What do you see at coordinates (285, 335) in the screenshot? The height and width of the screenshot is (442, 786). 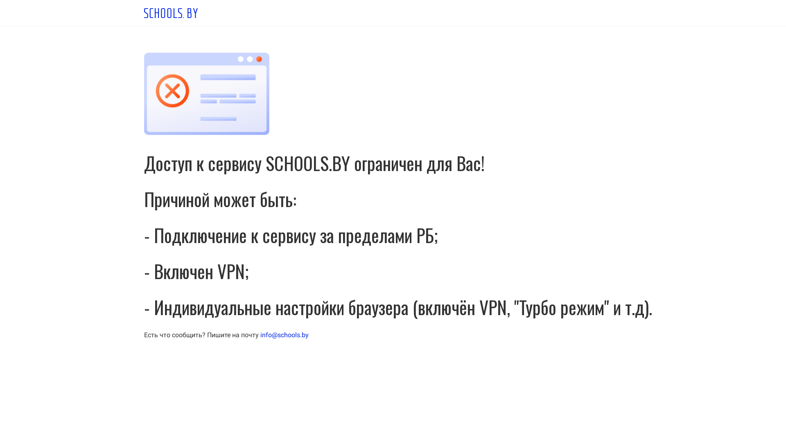 I see `'info@schools.by'` at bounding box center [285, 335].